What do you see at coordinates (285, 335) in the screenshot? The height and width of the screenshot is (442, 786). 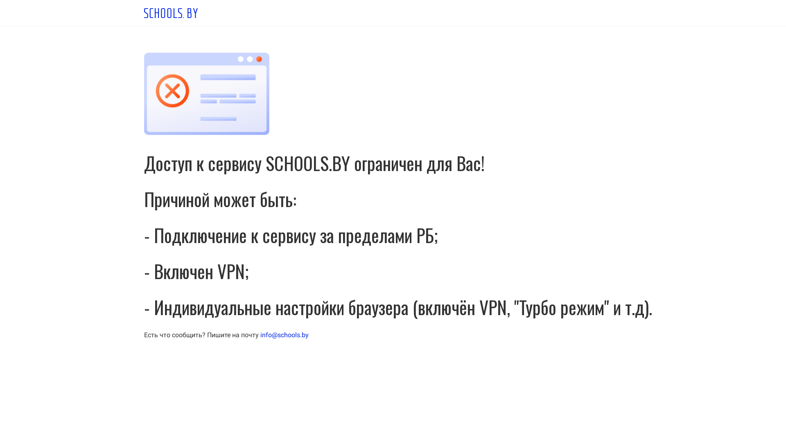 I see `'info@schools.by'` at bounding box center [285, 335].